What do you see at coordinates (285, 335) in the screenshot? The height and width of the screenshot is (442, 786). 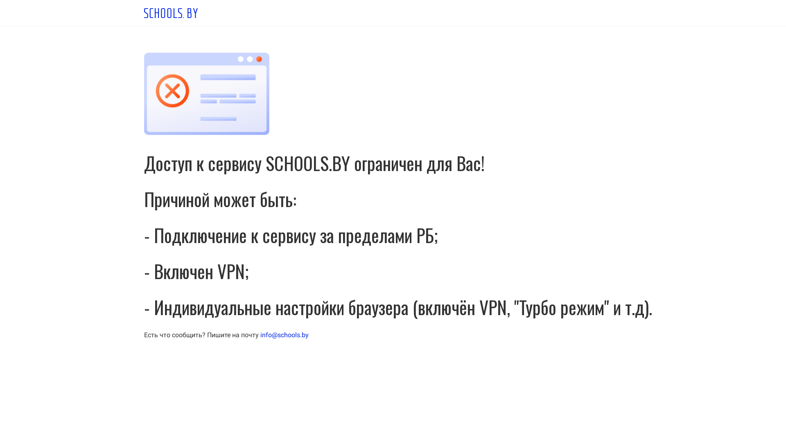 I see `'info@schools.by'` at bounding box center [285, 335].